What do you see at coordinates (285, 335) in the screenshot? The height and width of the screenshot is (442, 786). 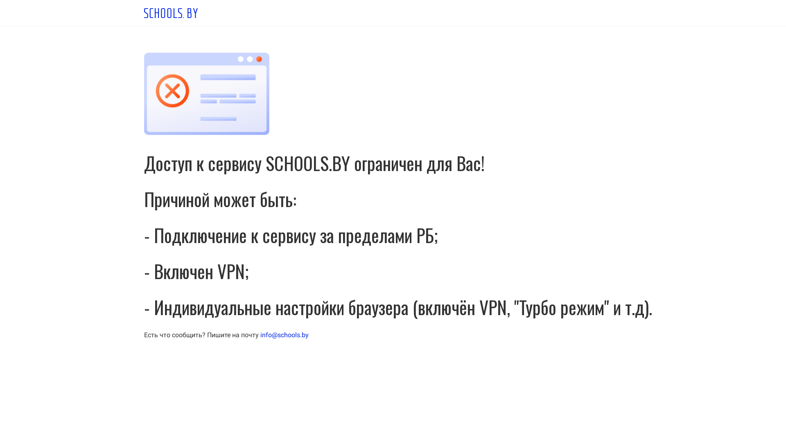 I see `'info@schools.by'` at bounding box center [285, 335].